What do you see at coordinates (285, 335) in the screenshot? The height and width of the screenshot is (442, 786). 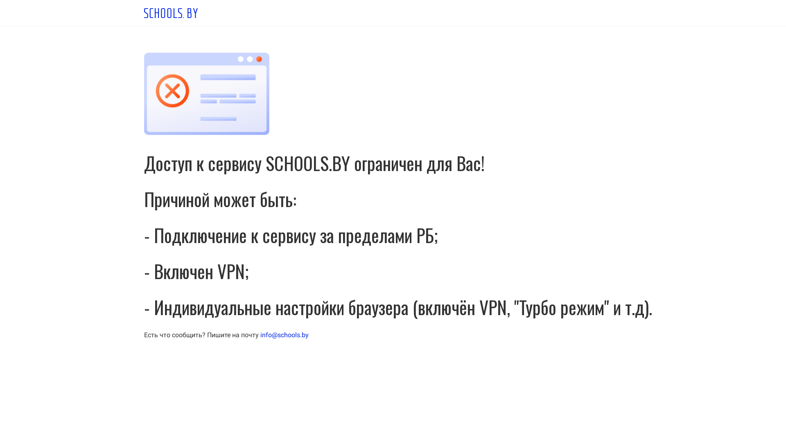 I see `'info@schools.by'` at bounding box center [285, 335].